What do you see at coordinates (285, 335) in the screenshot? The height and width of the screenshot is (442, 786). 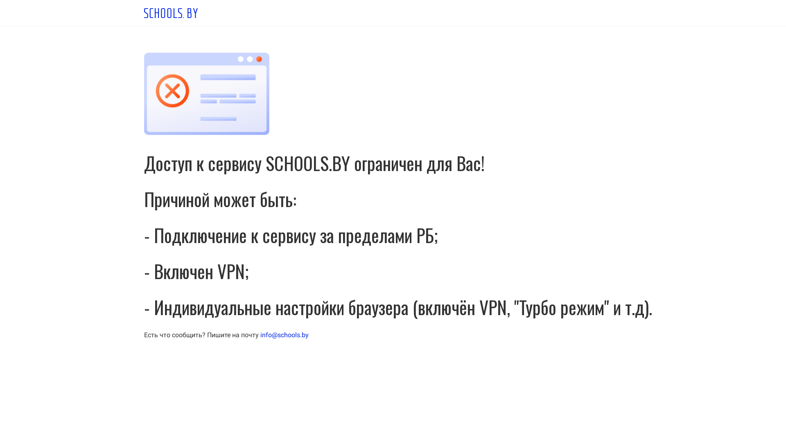 I see `'info@schools.by'` at bounding box center [285, 335].